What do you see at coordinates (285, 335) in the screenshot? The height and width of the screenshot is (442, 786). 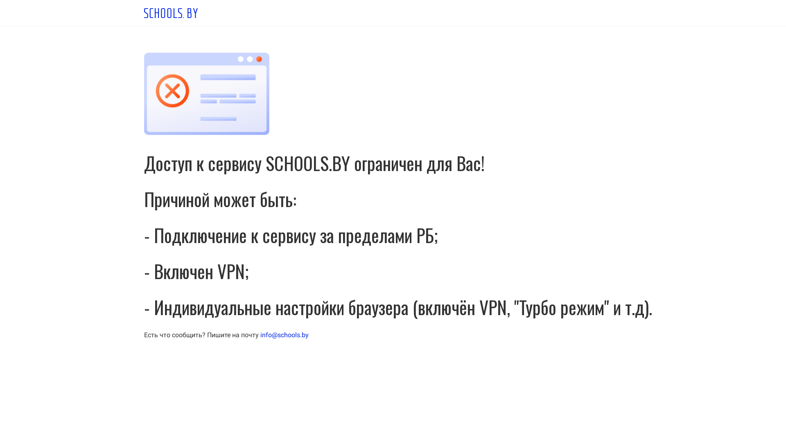 I see `'info@schools.by'` at bounding box center [285, 335].